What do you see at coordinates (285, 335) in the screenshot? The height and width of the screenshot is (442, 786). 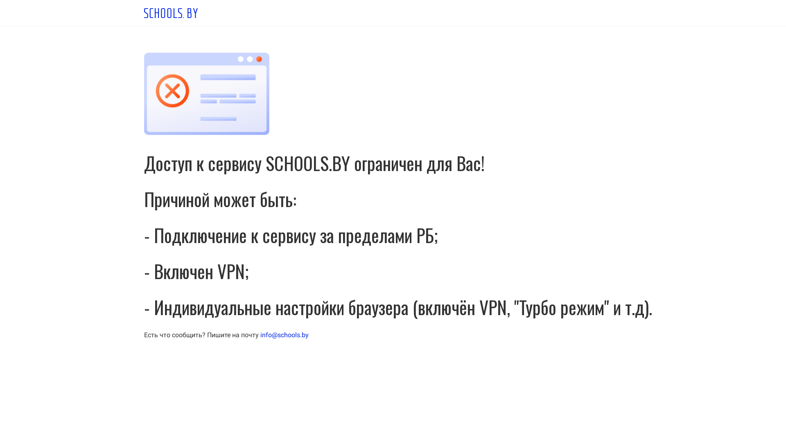 I see `'info@schools.by'` at bounding box center [285, 335].